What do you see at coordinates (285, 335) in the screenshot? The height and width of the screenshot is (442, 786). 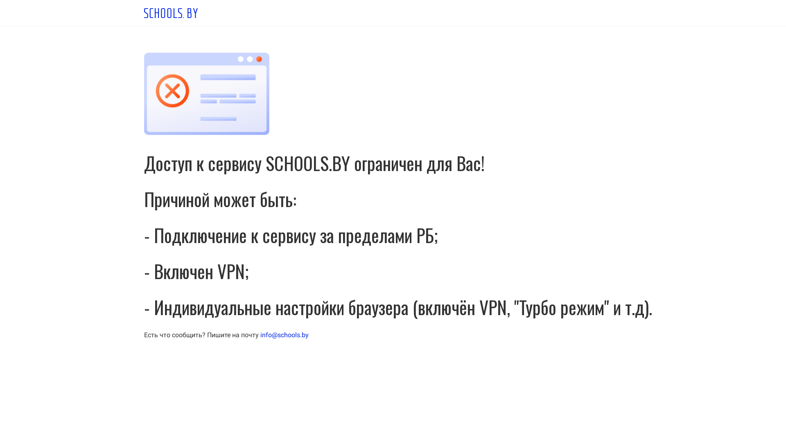 I see `'info@schools.by'` at bounding box center [285, 335].